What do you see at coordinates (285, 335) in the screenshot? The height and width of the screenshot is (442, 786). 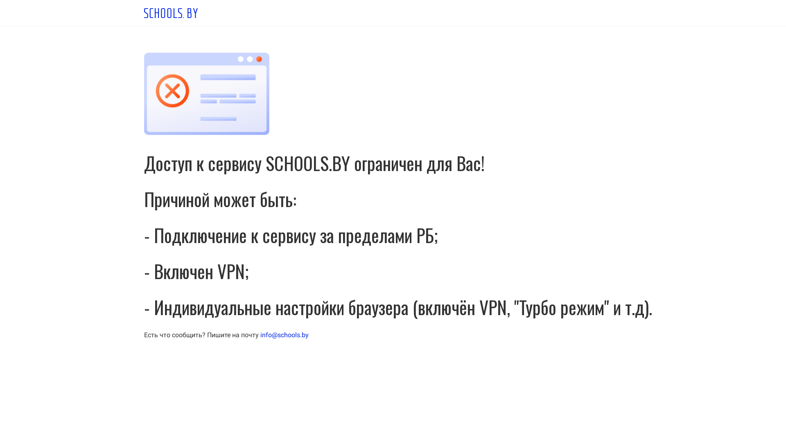 I see `'info@schools.by'` at bounding box center [285, 335].